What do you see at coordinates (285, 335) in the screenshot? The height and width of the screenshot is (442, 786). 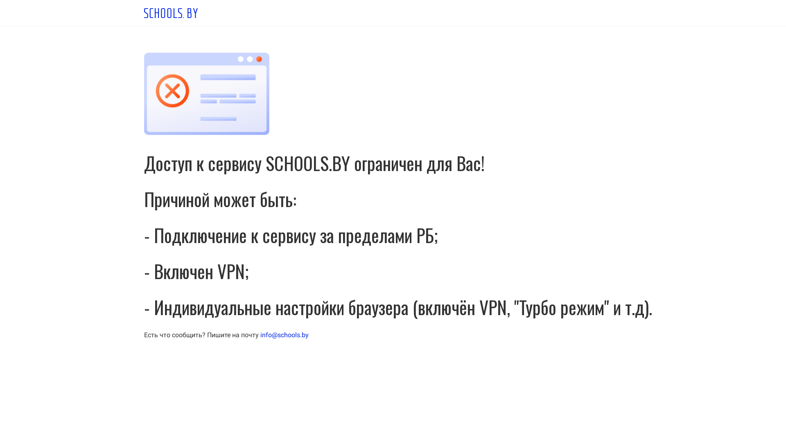 I see `'info@schools.by'` at bounding box center [285, 335].